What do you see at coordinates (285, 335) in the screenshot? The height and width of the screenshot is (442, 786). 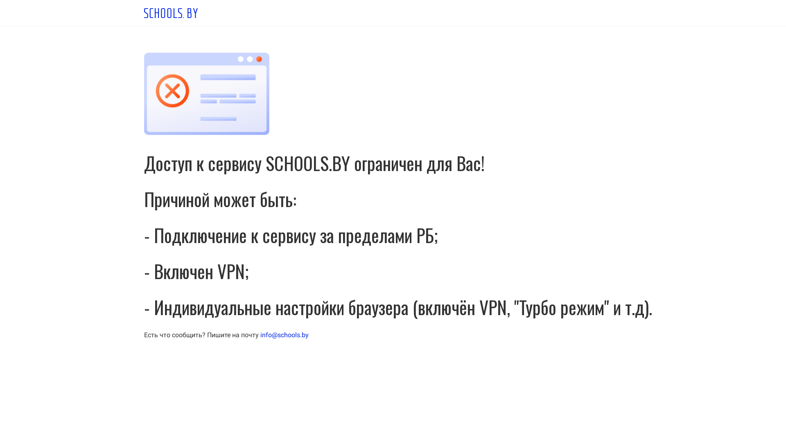 I see `'info@schools.by'` at bounding box center [285, 335].